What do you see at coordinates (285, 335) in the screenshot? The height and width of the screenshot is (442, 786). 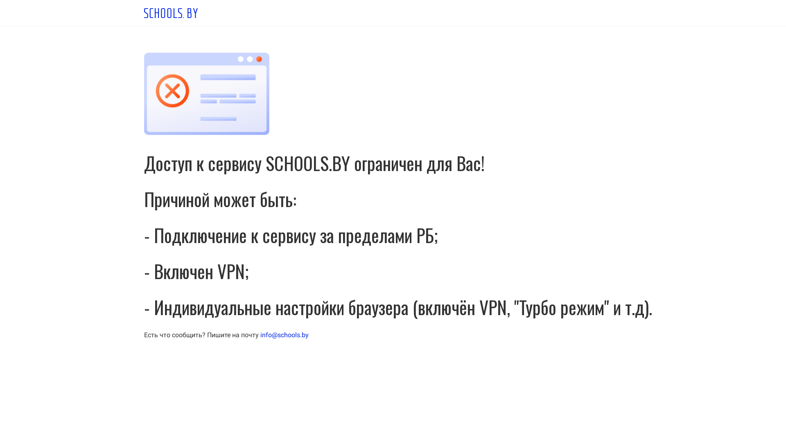 I see `'info@schools.by'` at bounding box center [285, 335].